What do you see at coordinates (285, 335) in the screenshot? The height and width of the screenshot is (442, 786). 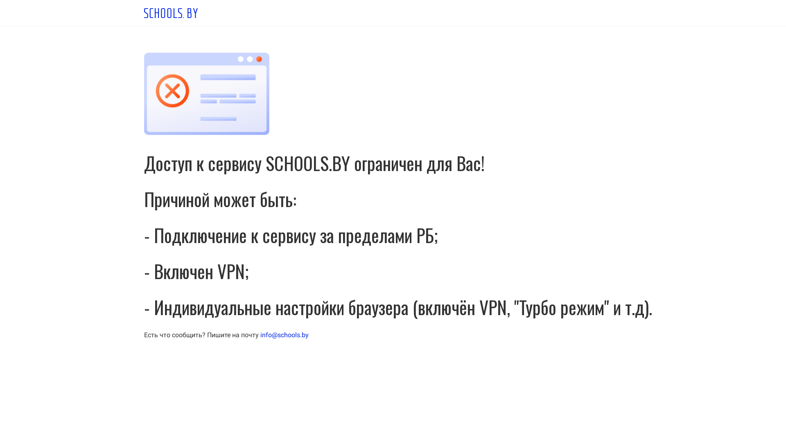 I see `'info@schools.by'` at bounding box center [285, 335].